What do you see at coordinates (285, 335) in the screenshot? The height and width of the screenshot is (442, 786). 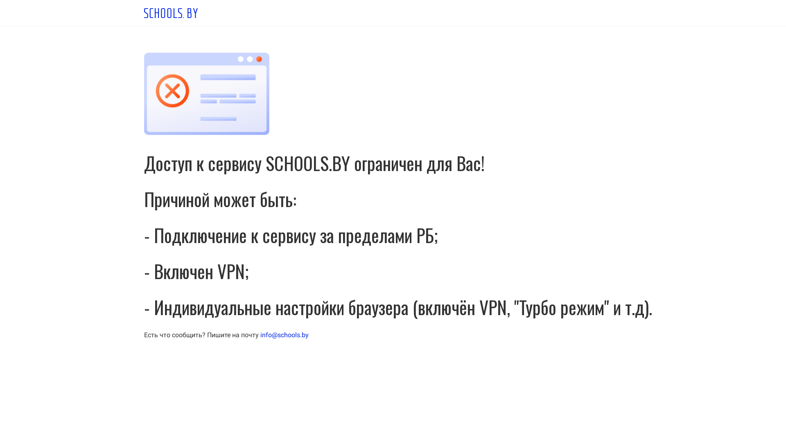 I see `'info@schools.by'` at bounding box center [285, 335].